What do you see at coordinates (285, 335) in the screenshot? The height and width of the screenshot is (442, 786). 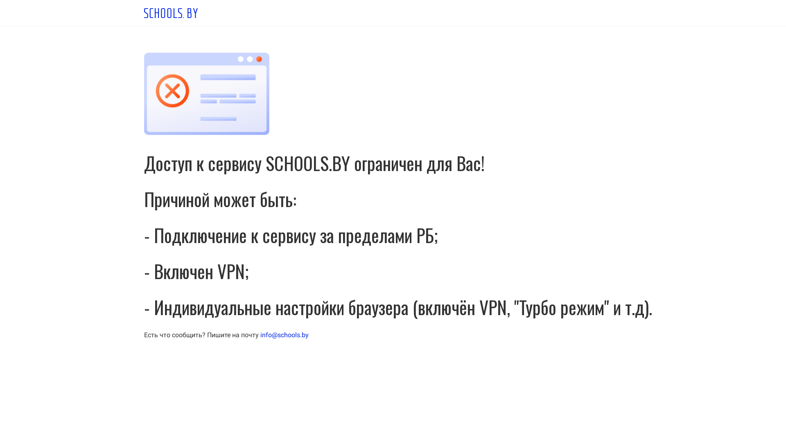 I see `'info@schools.by'` at bounding box center [285, 335].